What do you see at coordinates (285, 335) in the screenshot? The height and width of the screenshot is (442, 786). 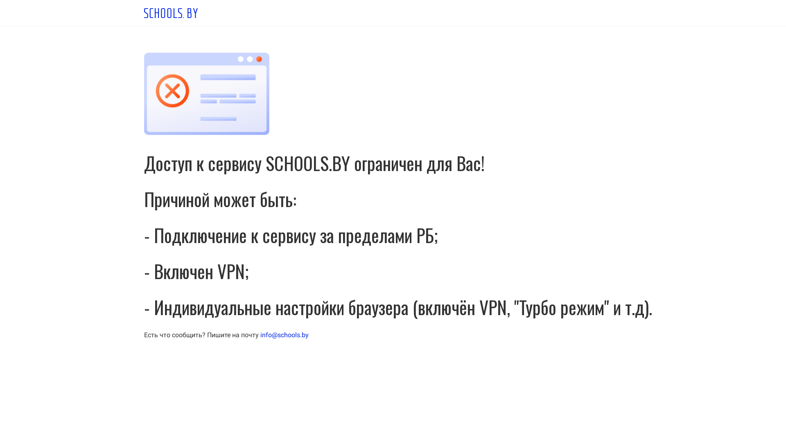 I see `'info@schools.by'` at bounding box center [285, 335].